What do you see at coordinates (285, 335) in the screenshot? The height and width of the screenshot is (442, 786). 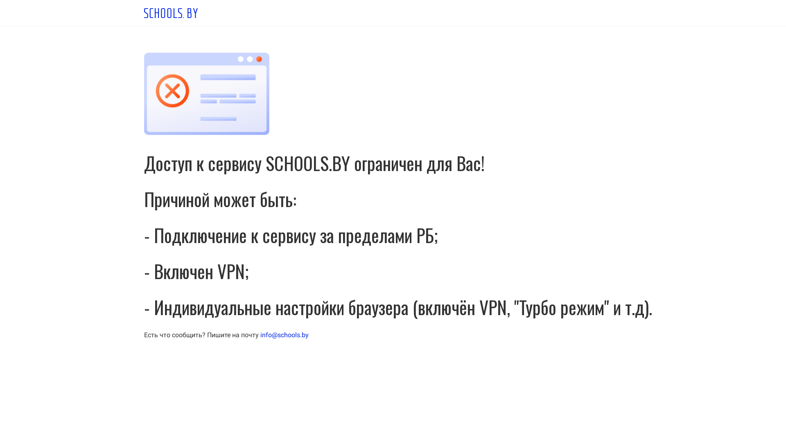 I see `'info@schools.by'` at bounding box center [285, 335].